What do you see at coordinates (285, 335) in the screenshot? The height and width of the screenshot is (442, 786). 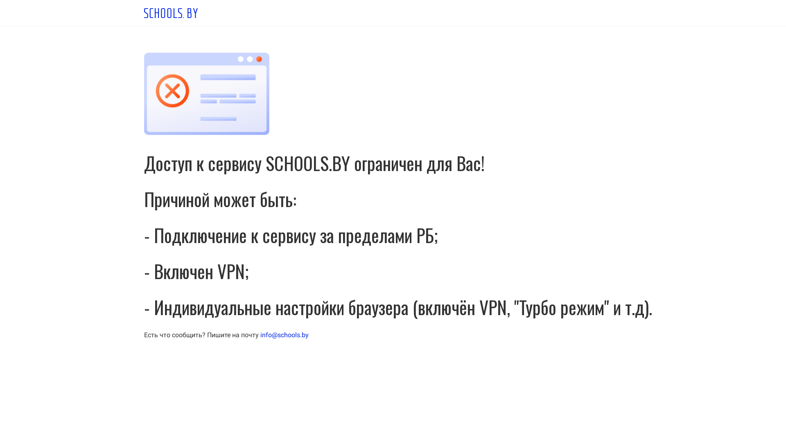 I see `'info@schools.by'` at bounding box center [285, 335].